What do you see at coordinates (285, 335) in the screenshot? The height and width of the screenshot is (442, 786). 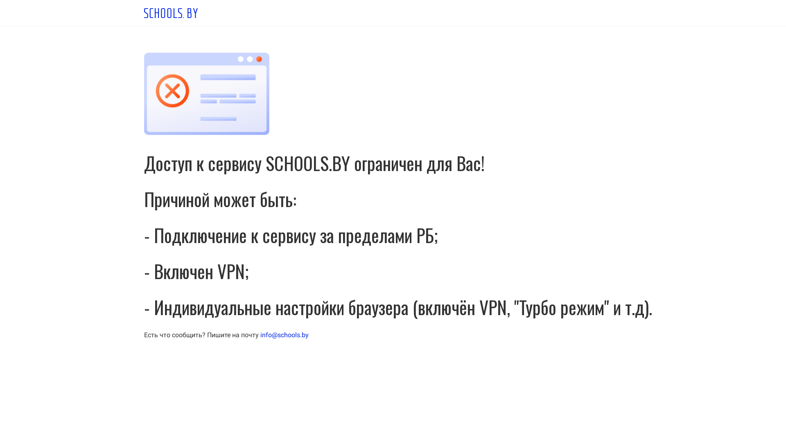 I see `'info@schools.by'` at bounding box center [285, 335].